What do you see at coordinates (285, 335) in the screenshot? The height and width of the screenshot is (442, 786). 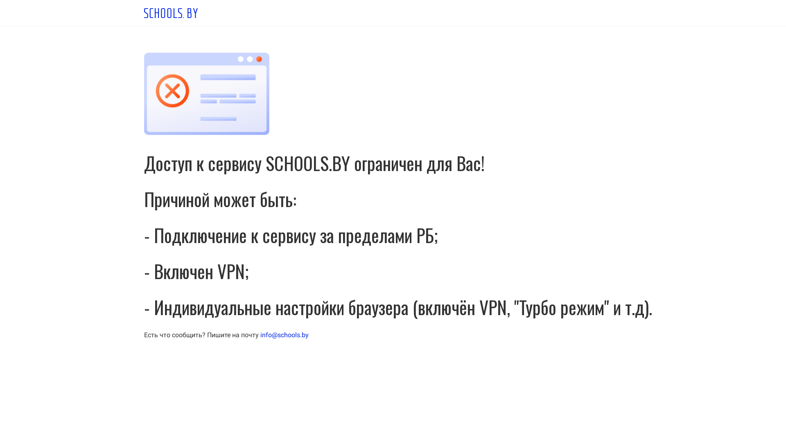 I see `'info@schools.by'` at bounding box center [285, 335].